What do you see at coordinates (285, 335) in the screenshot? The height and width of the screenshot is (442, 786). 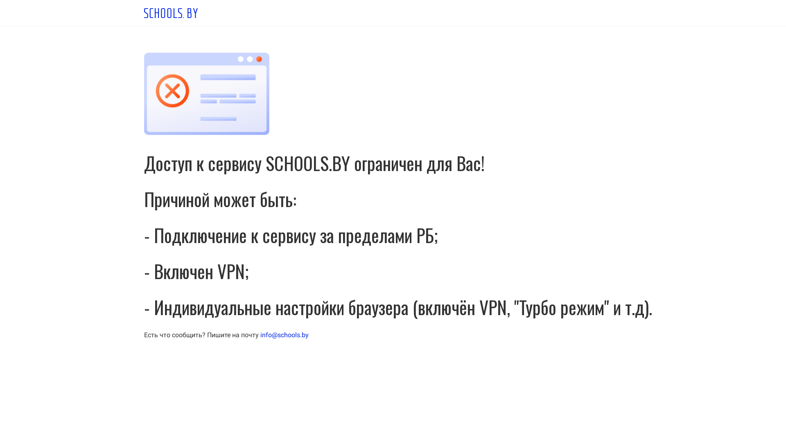 I see `'info@schools.by'` at bounding box center [285, 335].